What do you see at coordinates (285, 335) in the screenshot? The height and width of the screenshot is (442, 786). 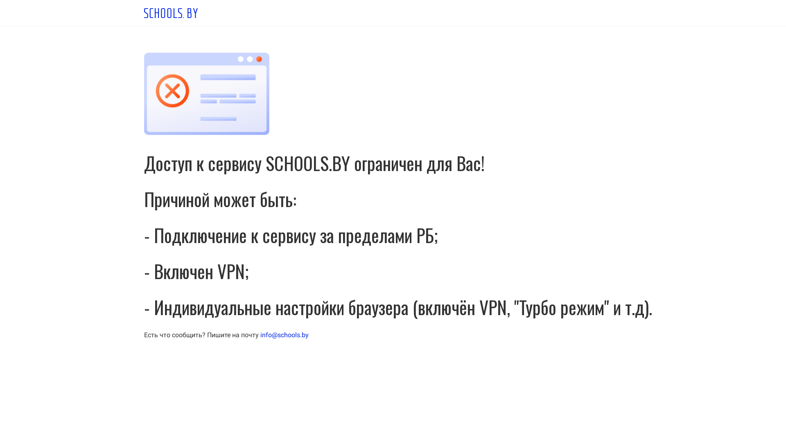 I see `'info@schools.by'` at bounding box center [285, 335].